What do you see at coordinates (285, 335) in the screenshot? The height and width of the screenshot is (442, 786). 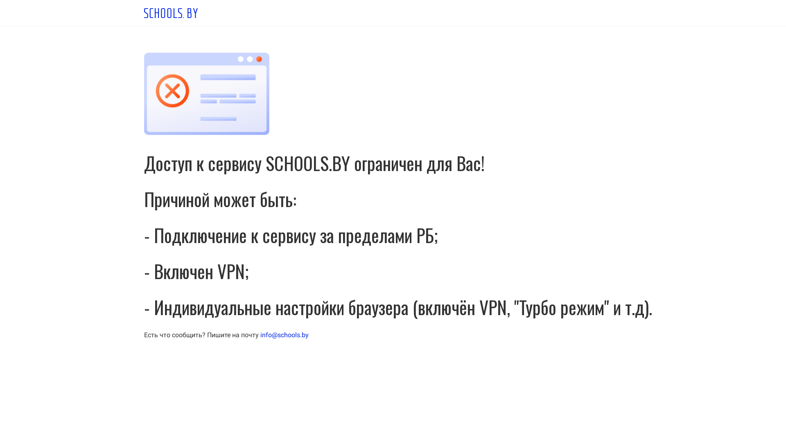 I see `'info@schools.by'` at bounding box center [285, 335].